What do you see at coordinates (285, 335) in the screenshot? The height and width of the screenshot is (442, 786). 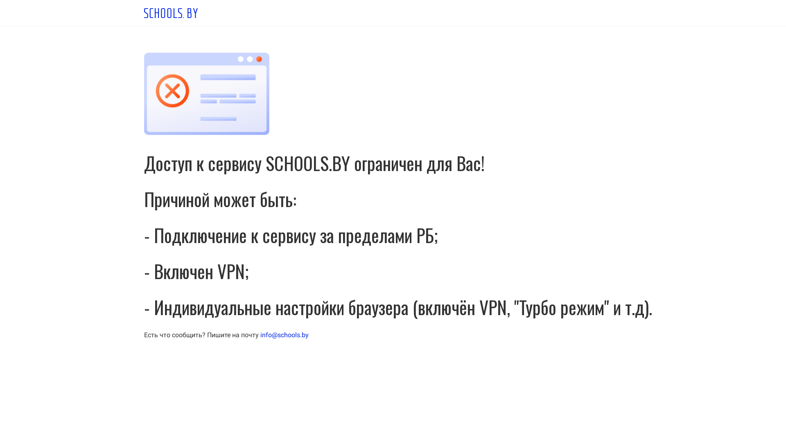 I see `'info@schools.by'` at bounding box center [285, 335].